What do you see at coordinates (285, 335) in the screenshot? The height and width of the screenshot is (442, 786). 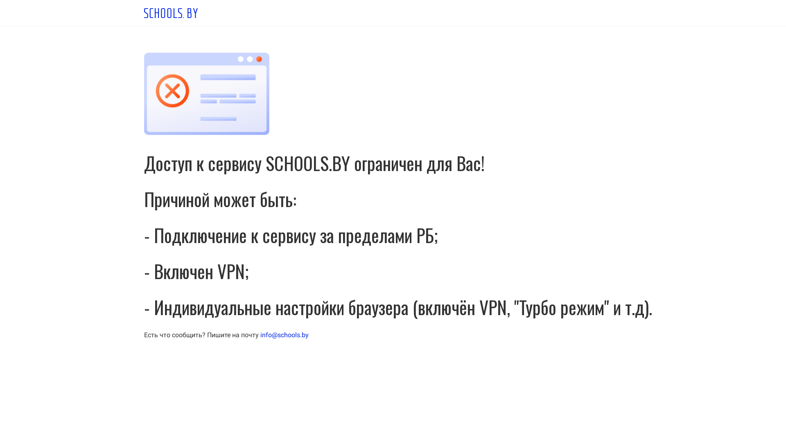 I see `'info@schools.by'` at bounding box center [285, 335].